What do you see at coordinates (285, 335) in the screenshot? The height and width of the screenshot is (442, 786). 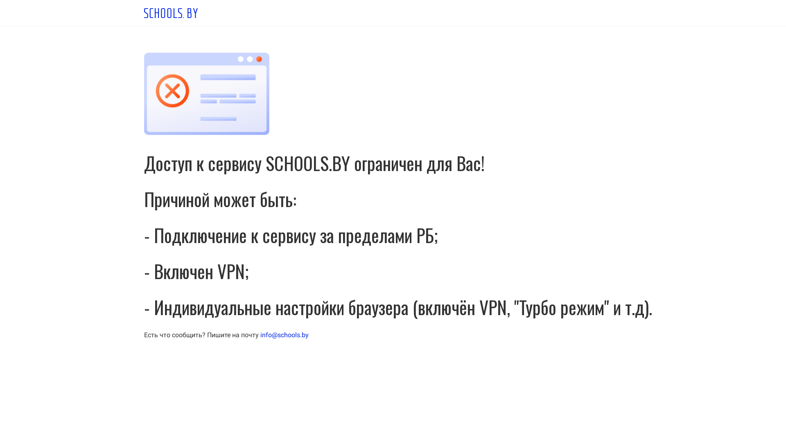 I see `'info@schools.by'` at bounding box center [285, 335].